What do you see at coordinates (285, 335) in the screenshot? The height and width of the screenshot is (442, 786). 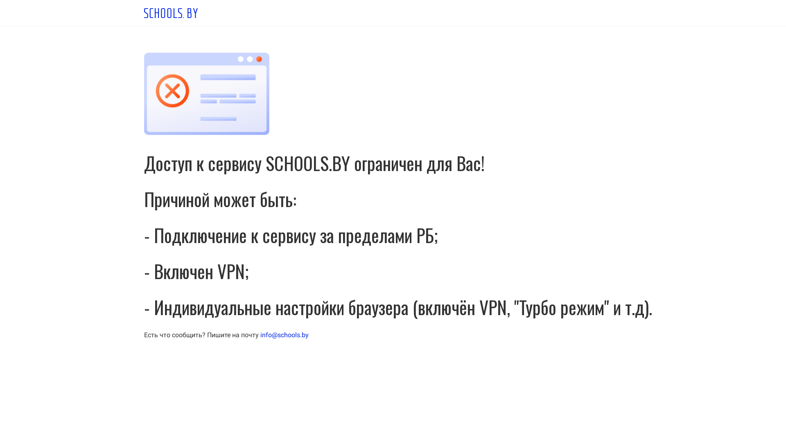 I see `'info@schools.by'` at bounding box center [285, 335].